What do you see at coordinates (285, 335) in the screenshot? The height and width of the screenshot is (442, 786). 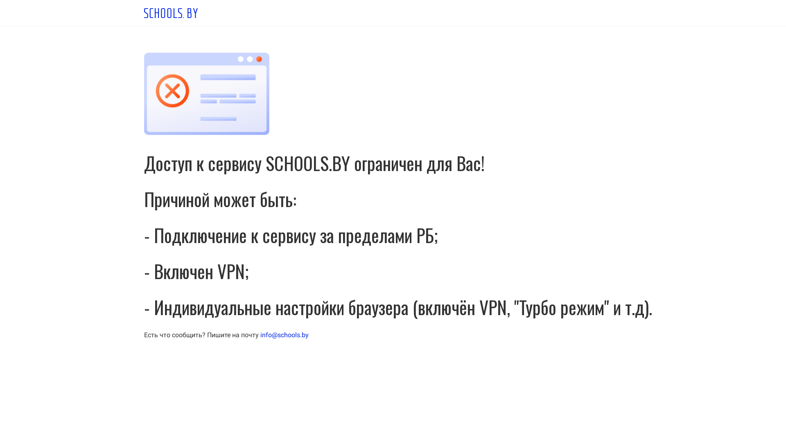 I see `'info@schools.by'` at bounding box center [285, 335].